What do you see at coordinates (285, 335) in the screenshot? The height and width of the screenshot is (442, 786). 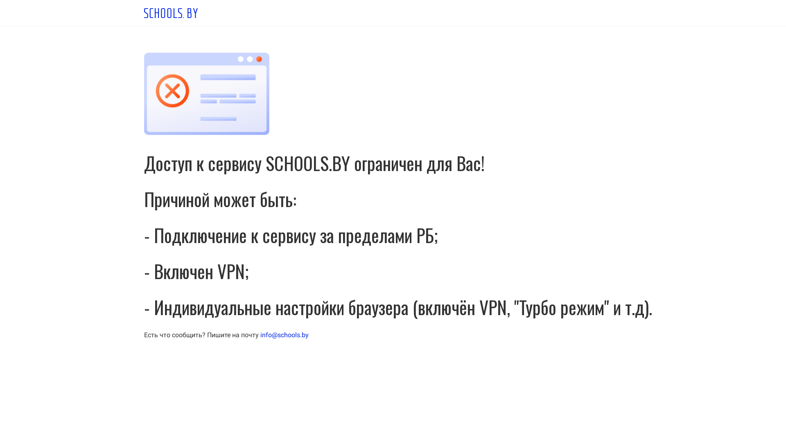 I see `'info@schools.by'` at bounding box center [285, 335].